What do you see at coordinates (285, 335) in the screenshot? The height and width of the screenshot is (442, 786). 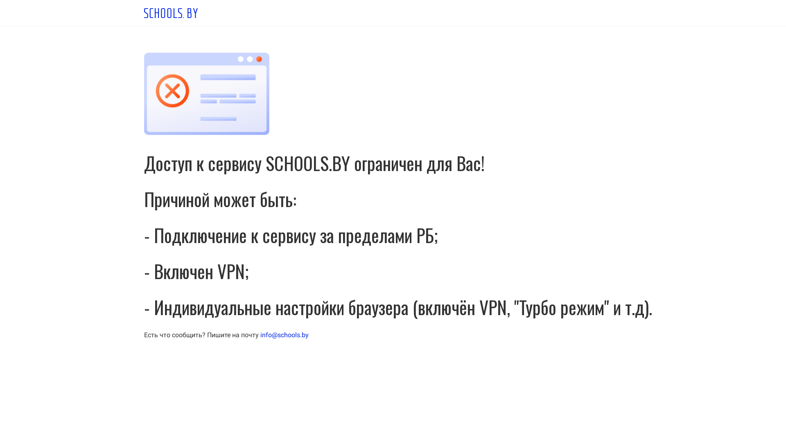 I see `'info@schools.by'` at bounding box center [285, 335].